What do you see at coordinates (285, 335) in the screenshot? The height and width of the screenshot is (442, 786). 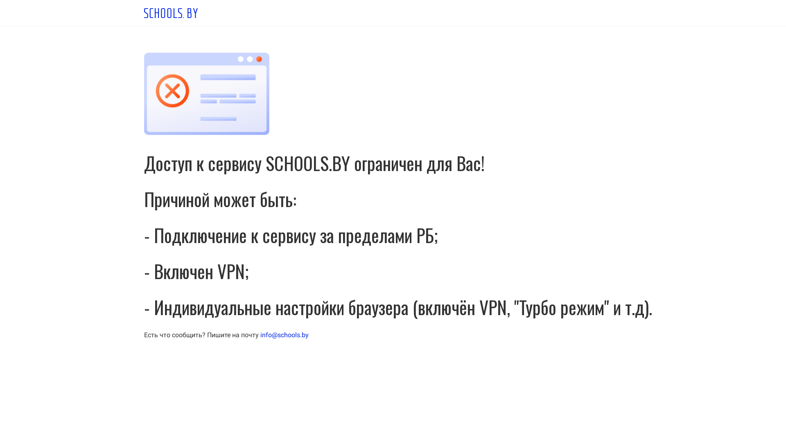 I see `'info@schools.by'` at bounding box center [285, 335].